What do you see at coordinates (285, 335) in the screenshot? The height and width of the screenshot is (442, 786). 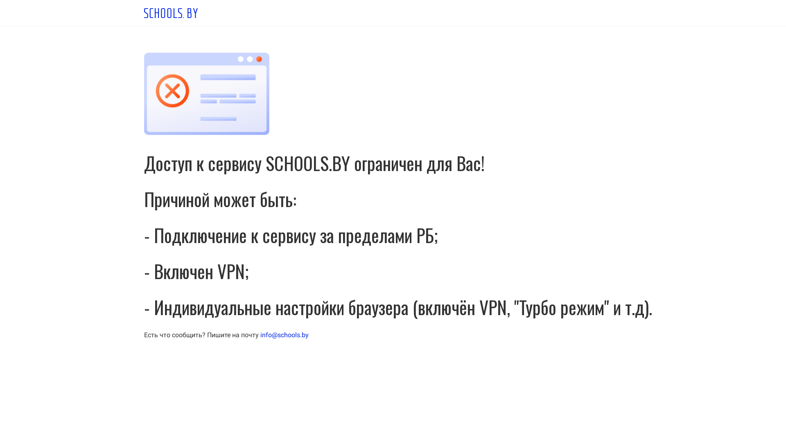 I see `'info@schools.by'` at bounding box center [285, 335].